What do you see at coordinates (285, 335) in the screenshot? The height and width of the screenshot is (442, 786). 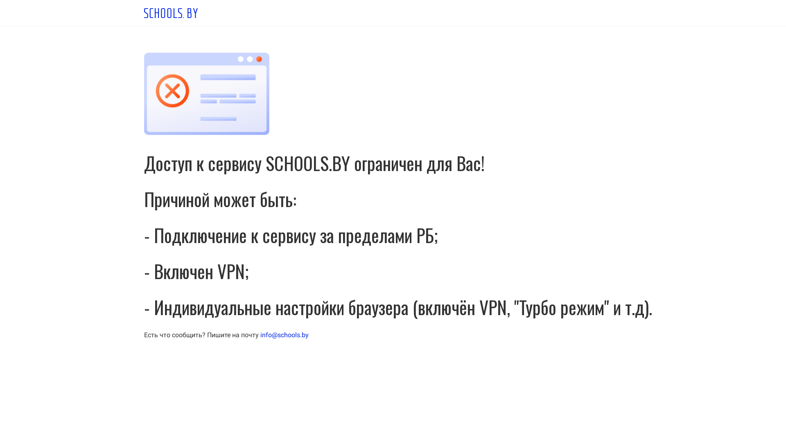 I see `'info@schools.by'` at bounding box center [285, 335].